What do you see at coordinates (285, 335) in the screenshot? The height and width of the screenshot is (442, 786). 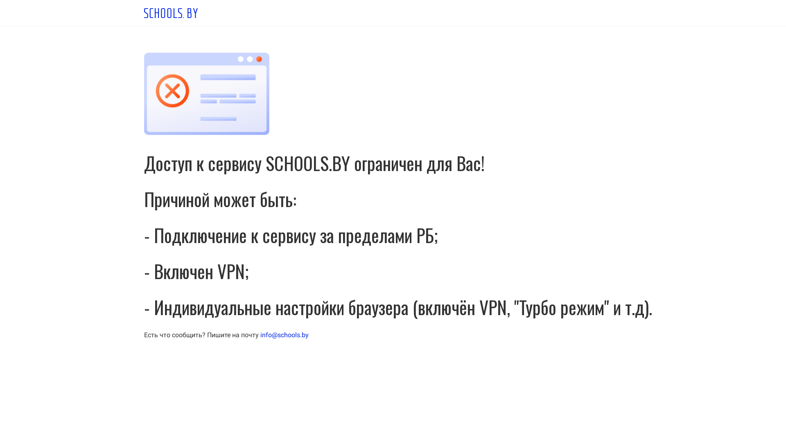 I see `'info@schools.by'` at bounding box center [285, 335].